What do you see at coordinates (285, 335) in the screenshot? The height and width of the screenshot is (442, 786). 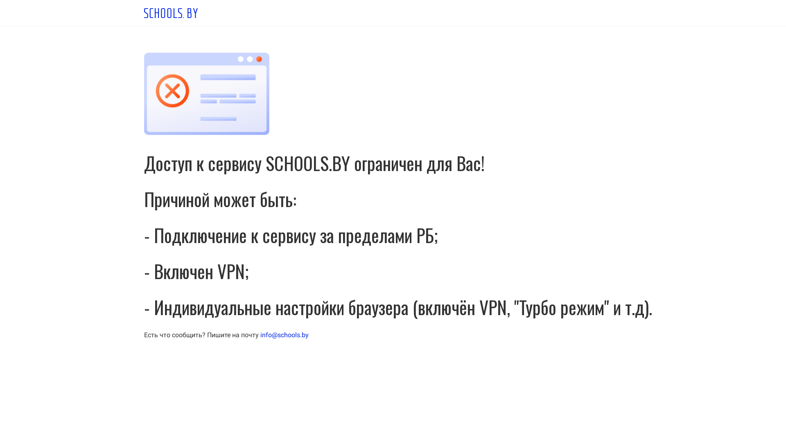 I see `'info@schools.by'` at bounding box center [285, 335].